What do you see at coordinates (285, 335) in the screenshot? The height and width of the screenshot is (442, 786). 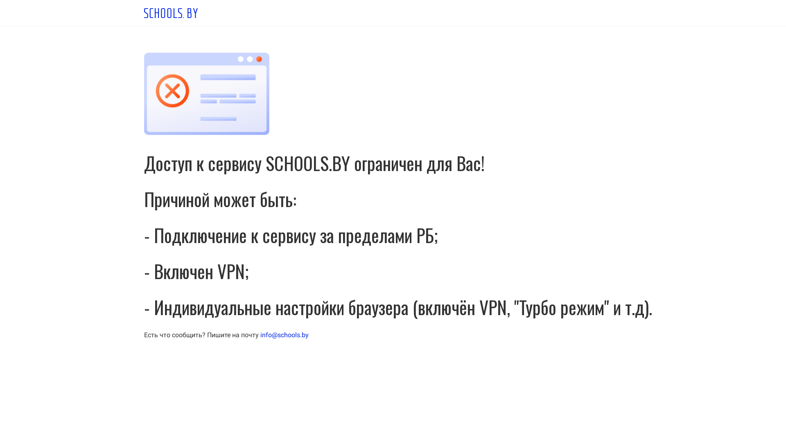 I see `'info@schools.by'` at bounding box center [285, 335].